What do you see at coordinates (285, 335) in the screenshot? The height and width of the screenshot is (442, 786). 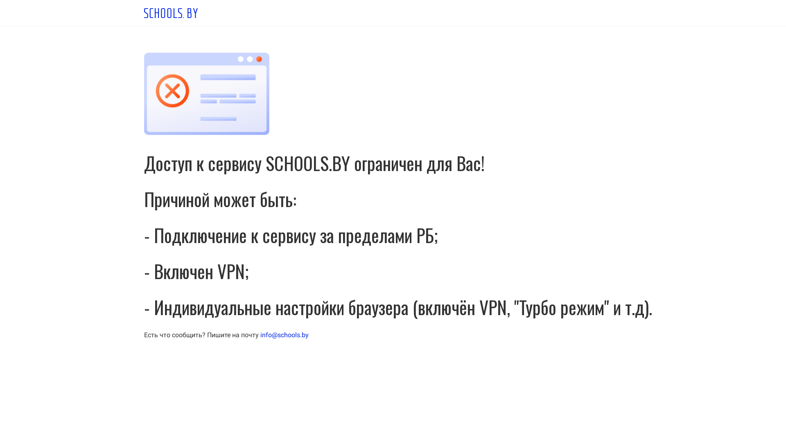 I see `'info@schools.by'` at bounding box center [285, 335].